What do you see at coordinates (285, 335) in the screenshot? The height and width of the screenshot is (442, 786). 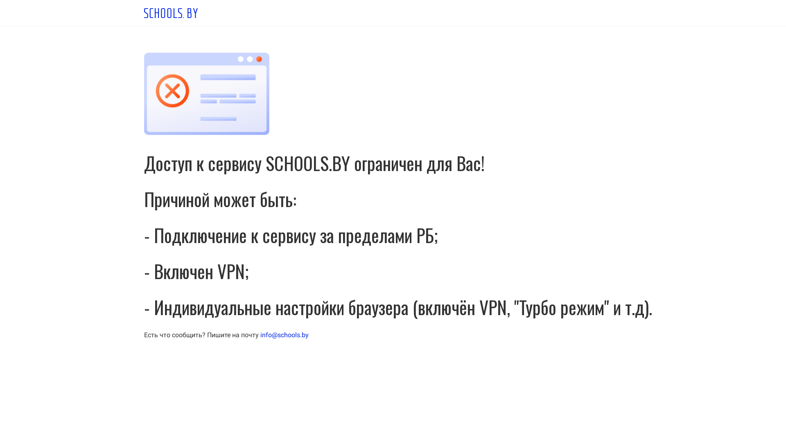 I see `'info@schools.by'` at bounding box center [285, 335].